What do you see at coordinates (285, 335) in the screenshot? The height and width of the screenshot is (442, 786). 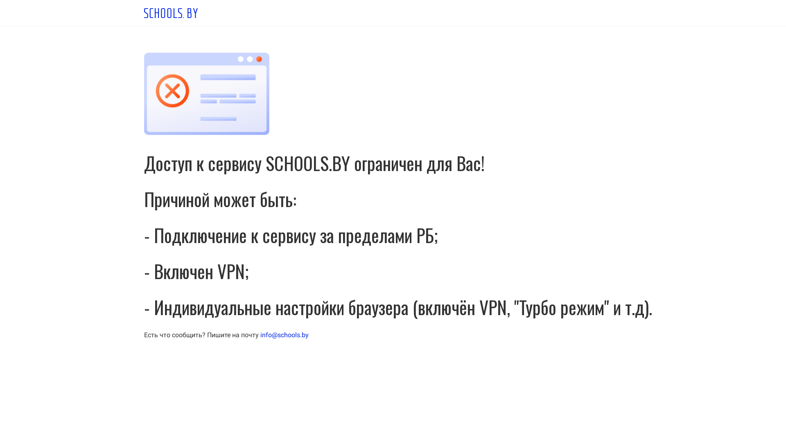 I see `'info@schools.by'` at bounding box center [285, 335].